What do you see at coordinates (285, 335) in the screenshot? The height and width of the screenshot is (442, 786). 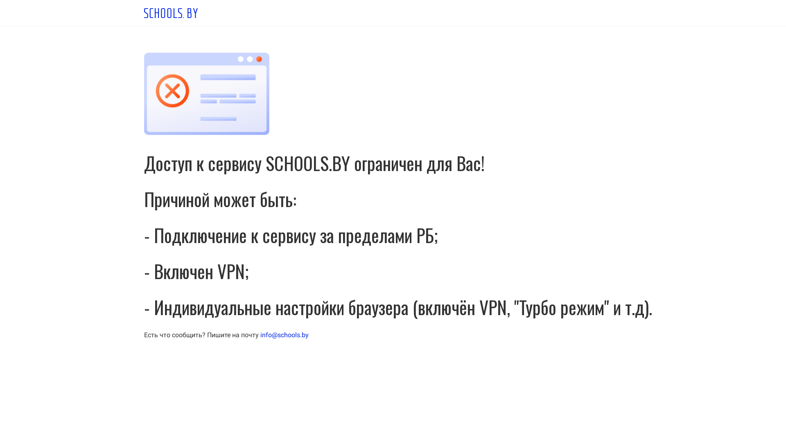 I see `'info@schools.by'` at bounding box center [285, 335].